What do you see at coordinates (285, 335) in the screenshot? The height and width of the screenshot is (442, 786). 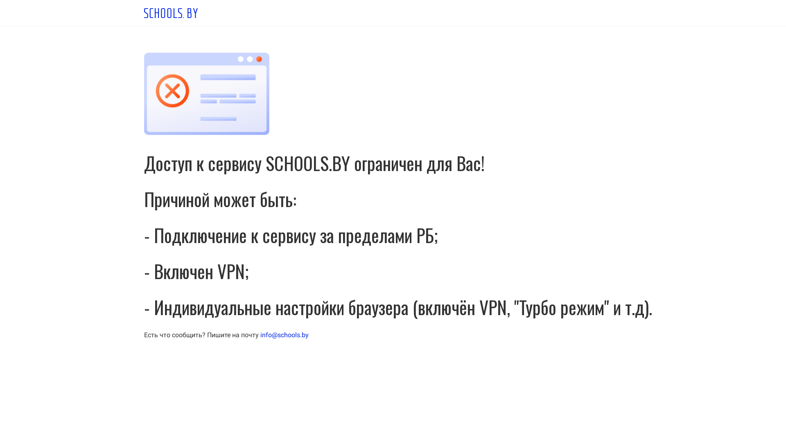 I see `'info@schools.by'` at bounding box center [285, 335].